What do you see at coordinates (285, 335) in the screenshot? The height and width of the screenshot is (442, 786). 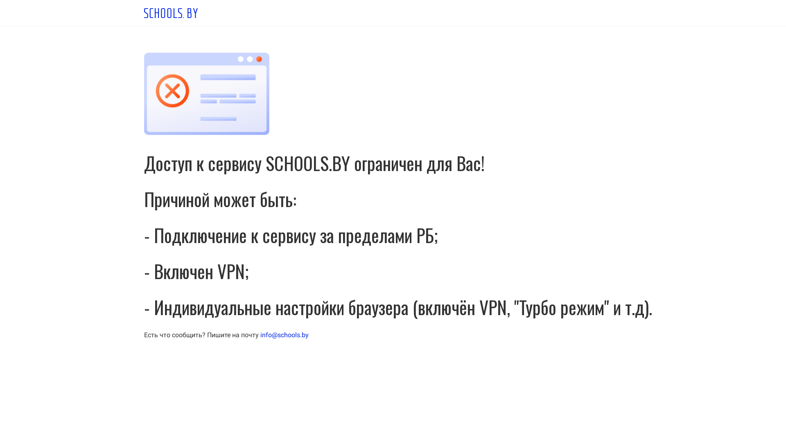 I see `'info@schools.by'` at bounding box center [285, 335].